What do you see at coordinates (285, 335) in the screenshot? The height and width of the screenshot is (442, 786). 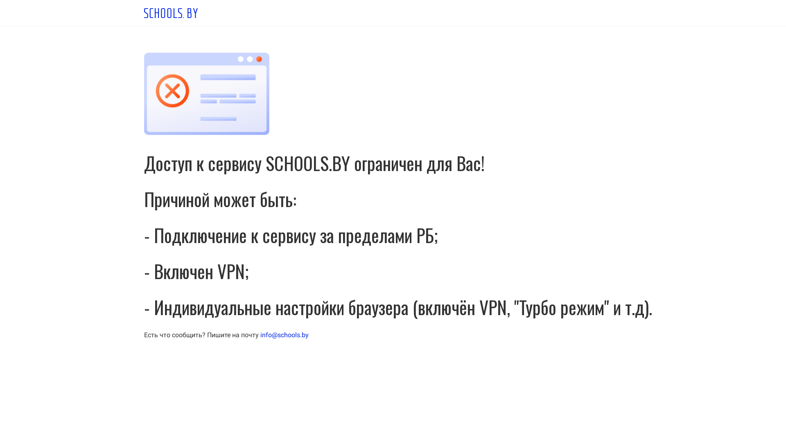 I see `'info@schools.by'` at bounding box center [285, 335].